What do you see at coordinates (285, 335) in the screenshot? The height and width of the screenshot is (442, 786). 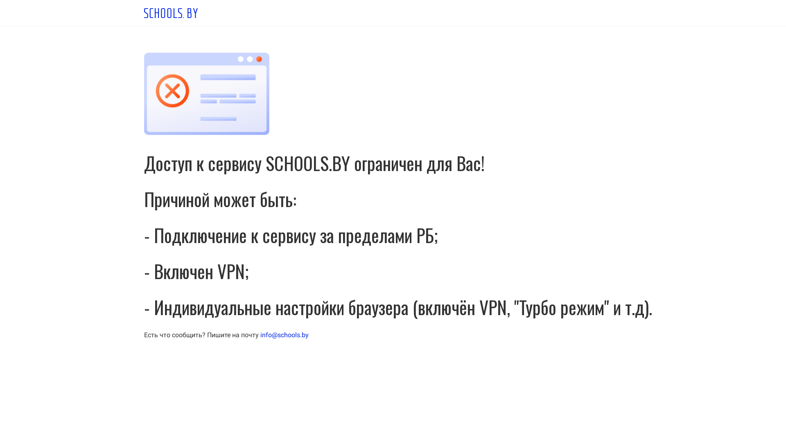 I see `'info@schools.by'` at bounding box center [285, 335].